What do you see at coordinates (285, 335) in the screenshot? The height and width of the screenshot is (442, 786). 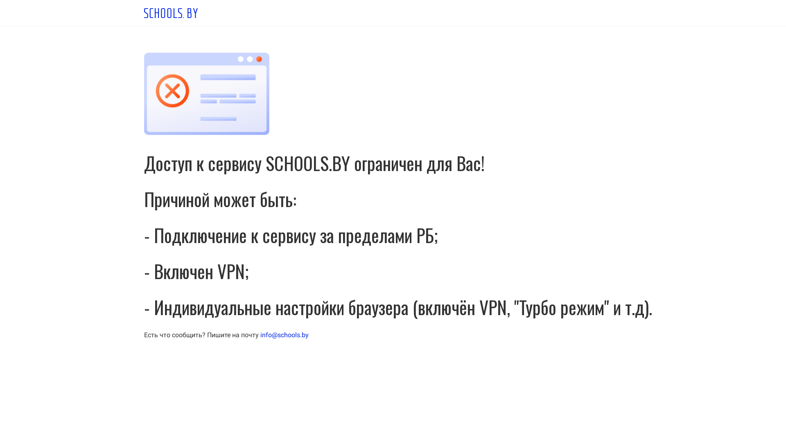 I see `'info@schools.by'` at bounding box center [285, 335].